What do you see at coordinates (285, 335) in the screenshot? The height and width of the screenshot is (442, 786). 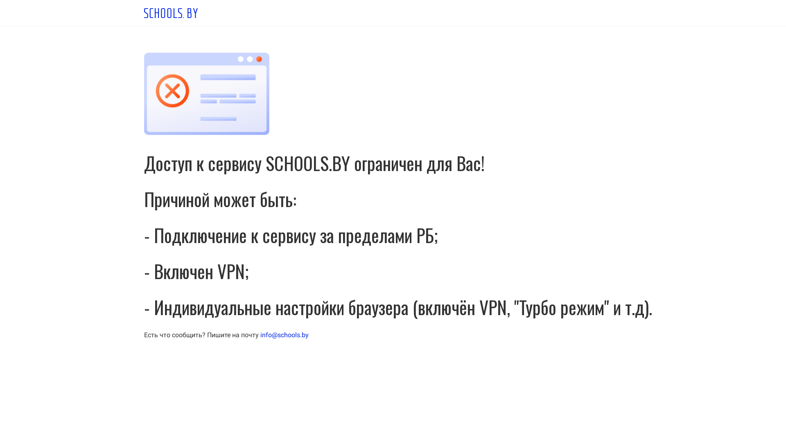 I see `'info@schools.by'` at bounding box center [285, 335].